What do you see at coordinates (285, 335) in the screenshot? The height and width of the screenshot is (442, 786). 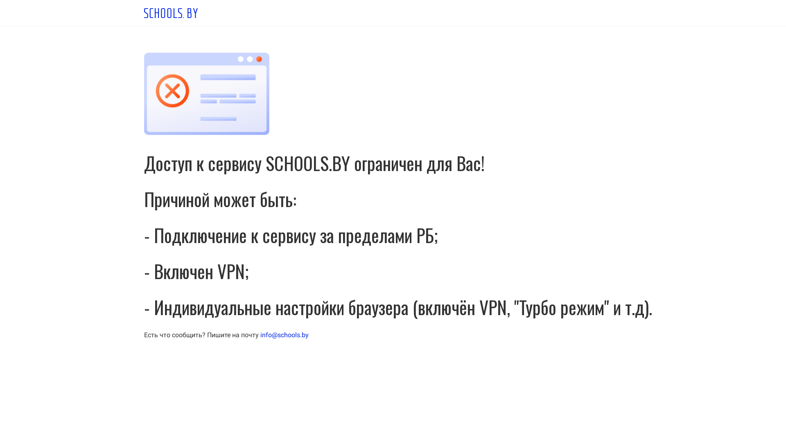 I see `'info@schools.by'` at bounding box center [285, 335].